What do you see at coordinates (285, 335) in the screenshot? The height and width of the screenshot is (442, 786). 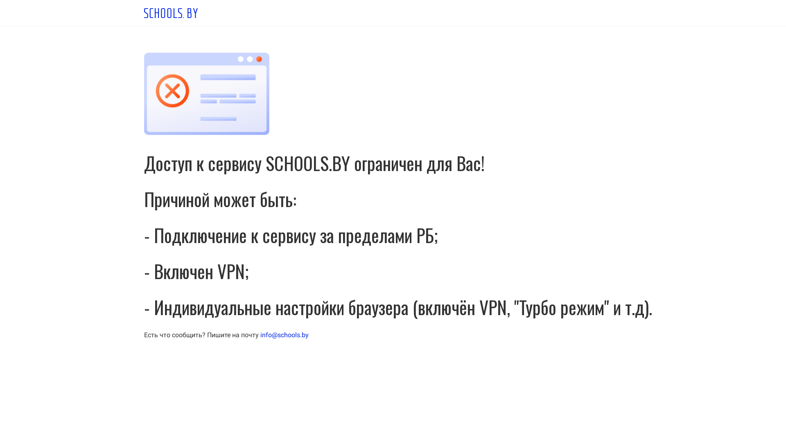 I see `'info@schools.by'` at bounding box center [285, 335].